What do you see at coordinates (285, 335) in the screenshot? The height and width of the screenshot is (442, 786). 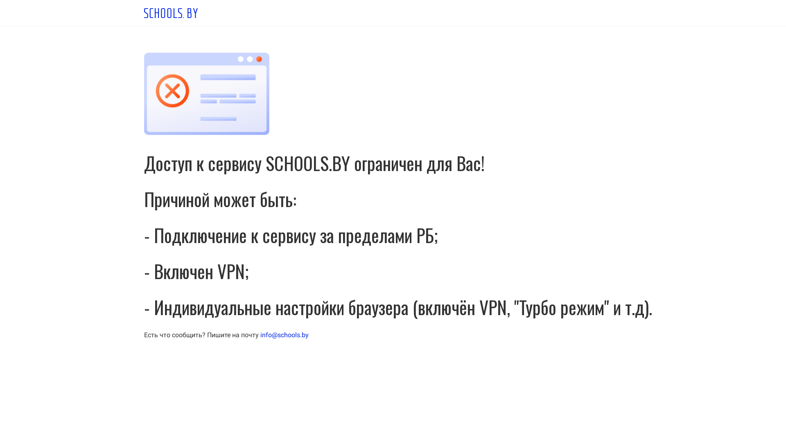 I see `'info@schools.by'` at bounding box center [285, 335].